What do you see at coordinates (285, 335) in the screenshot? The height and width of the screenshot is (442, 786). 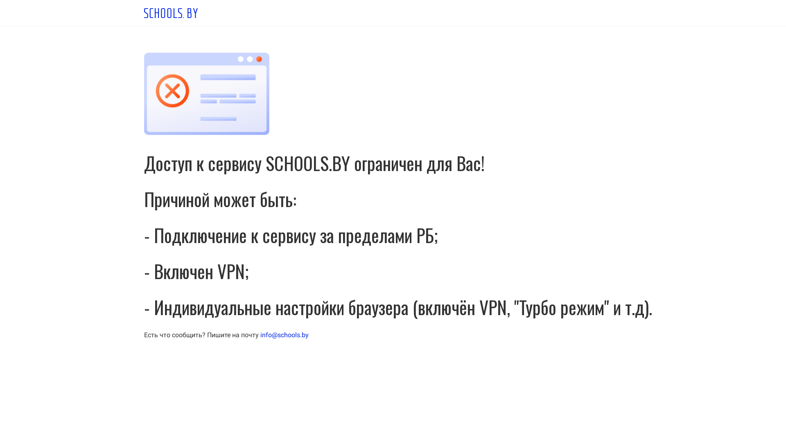 I see `'info@schools.by'` at bounding box center [285, 335].